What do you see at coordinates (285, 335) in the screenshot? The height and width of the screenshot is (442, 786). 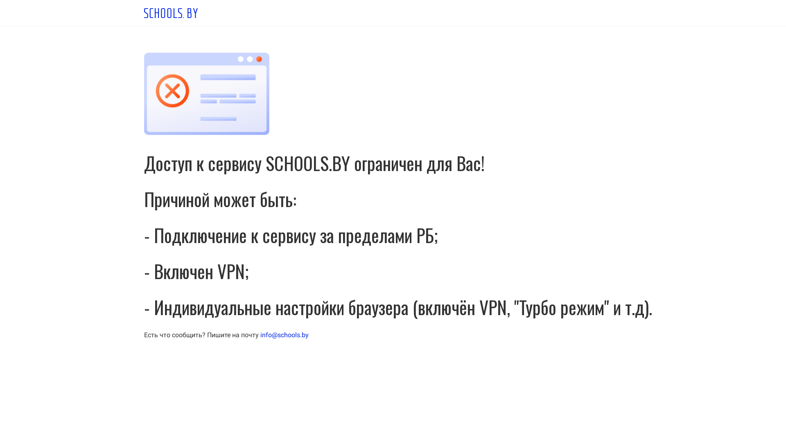 I see `'info@schools.by'` at bounding box center [285, 335].